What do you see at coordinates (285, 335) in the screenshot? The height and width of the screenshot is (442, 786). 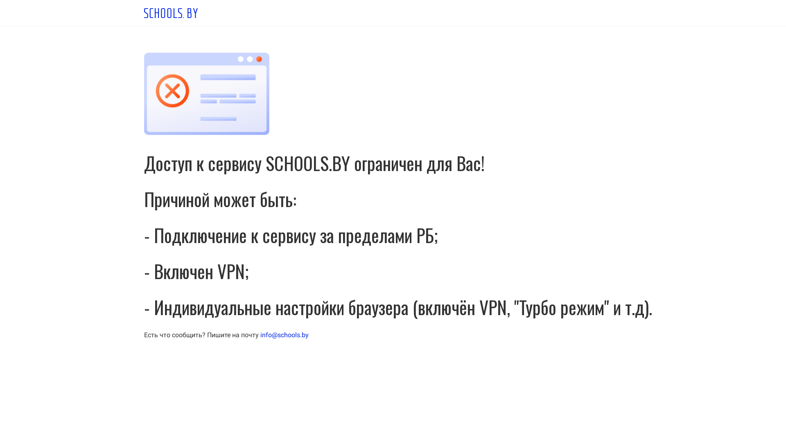 I see `'info@schools.by'` at bounding box center [285, 335].